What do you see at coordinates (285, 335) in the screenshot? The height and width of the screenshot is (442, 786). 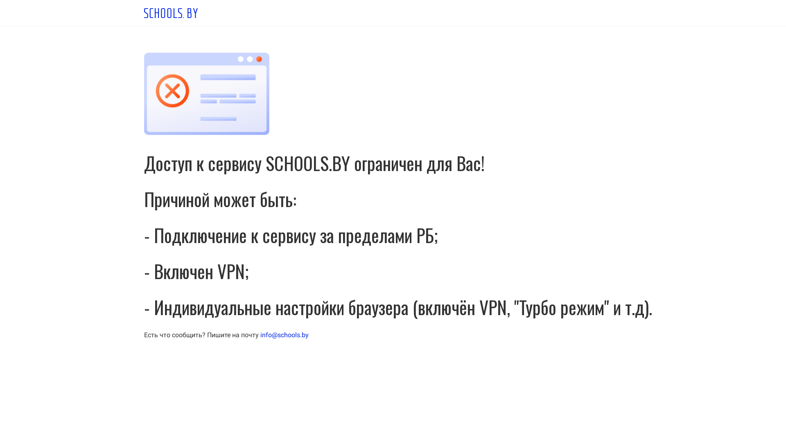 I see `'info@schools.by'` at bounding box center [285, 335].